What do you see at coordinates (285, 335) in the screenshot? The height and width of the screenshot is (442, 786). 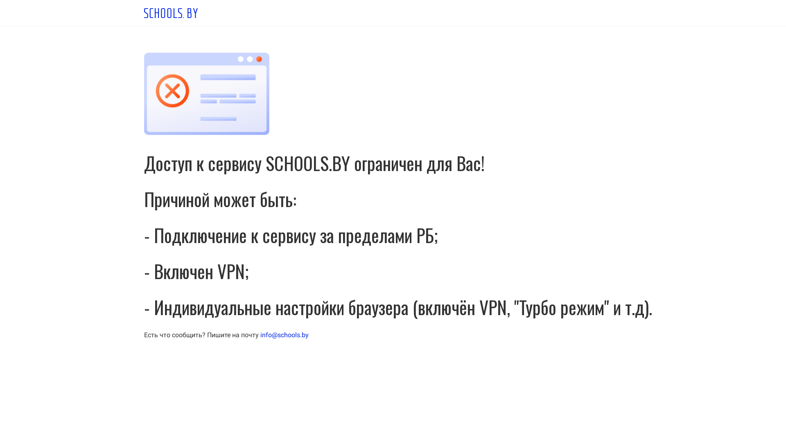 I see `'info@schools.by'` at bounding box center [285, 335].